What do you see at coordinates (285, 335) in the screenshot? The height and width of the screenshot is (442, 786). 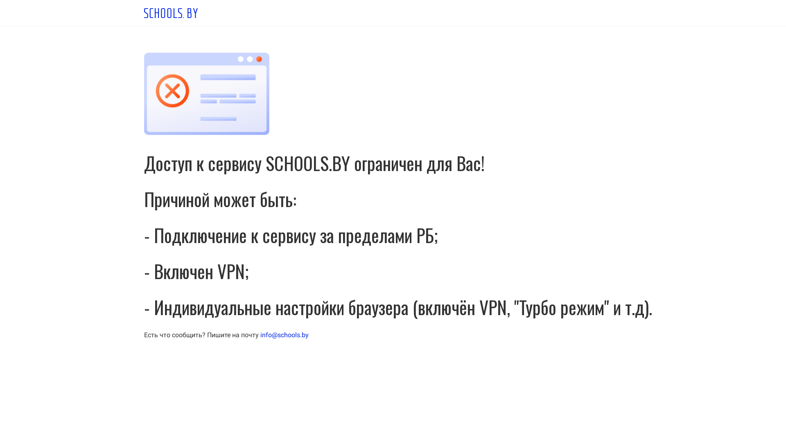 I see `'info@schools.by'` at bounding box center [285, 335].